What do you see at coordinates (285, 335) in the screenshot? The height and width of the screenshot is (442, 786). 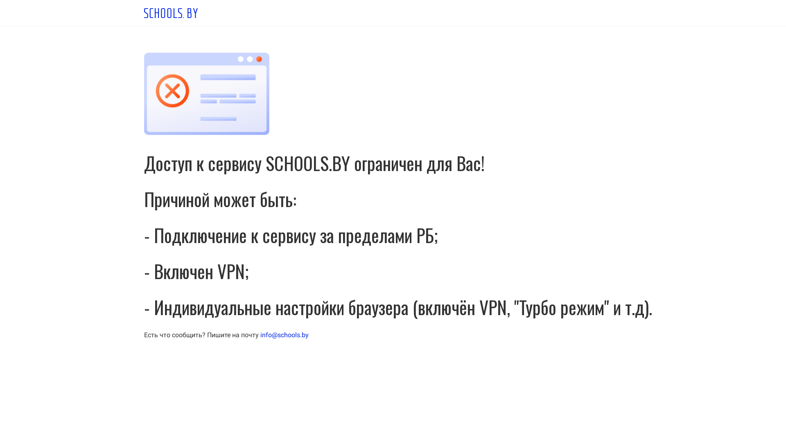 I see `'info@schools.by'` at bounding box center [285, 335].